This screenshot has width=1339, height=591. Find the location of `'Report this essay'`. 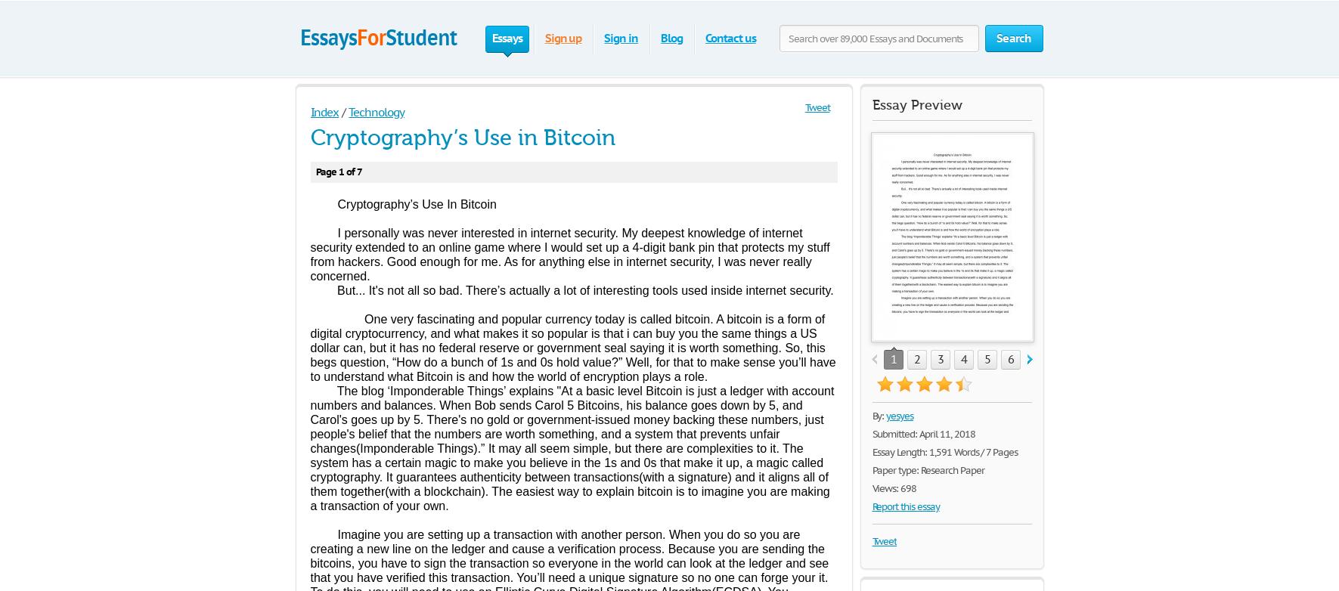

'Report this essay' is located at coordinates (871, 506).